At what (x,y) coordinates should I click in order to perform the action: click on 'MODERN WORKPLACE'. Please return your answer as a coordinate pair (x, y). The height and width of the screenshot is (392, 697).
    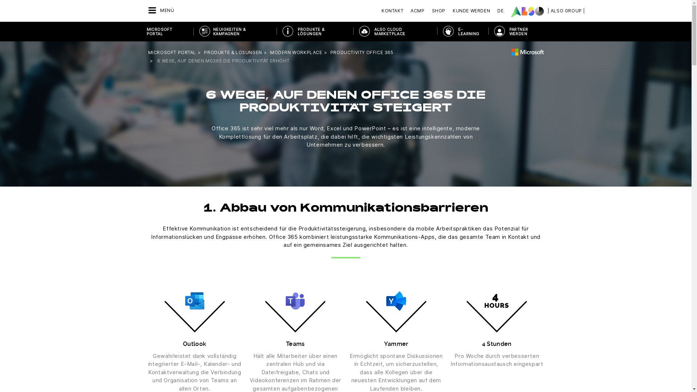
    Looking at the image, I should click on (270, 52).